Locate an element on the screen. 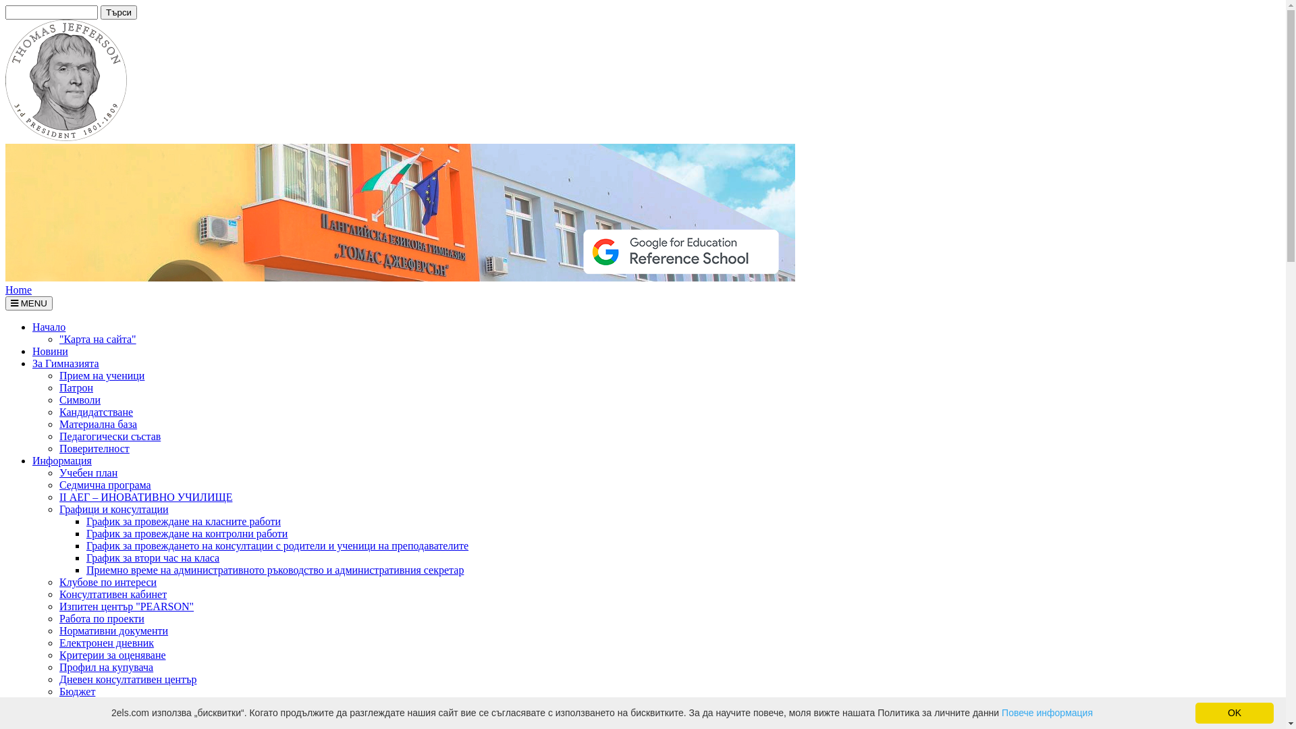 The image size is (1296, 729). 'Home' is located at coordinates (18, 289).